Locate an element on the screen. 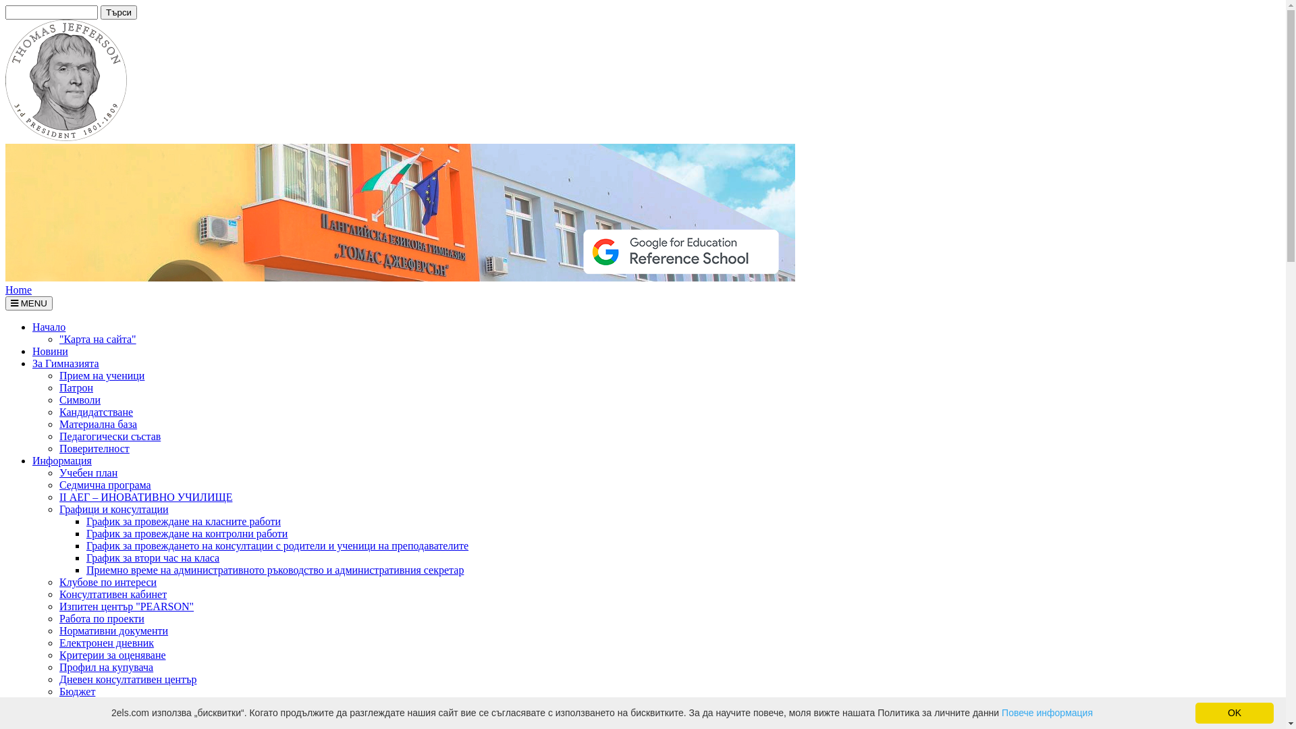 The image size is (1296, 729). 'Home' is located at coordinates (18, 289).